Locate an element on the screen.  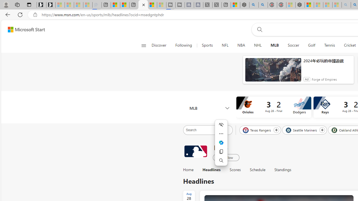
'NFL' is located at coordinates (225, 45).